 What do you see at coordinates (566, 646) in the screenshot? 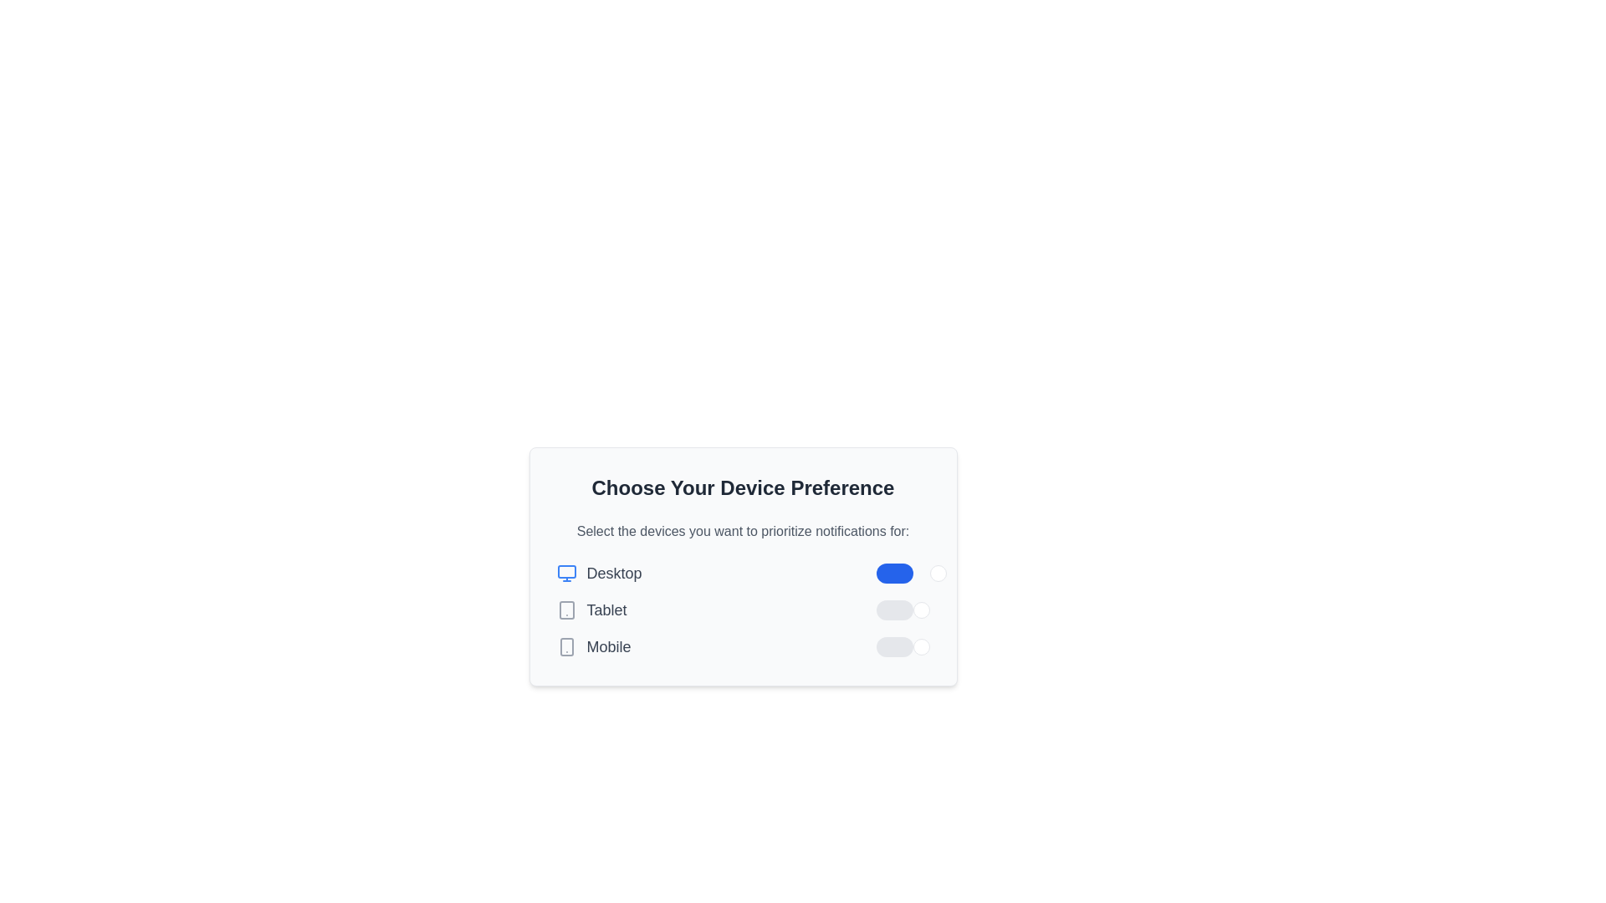
I see `the 'Mobile' option icon, which is visually aligned with the 'Desktop' and 'Tablet' icons in the device options list` at bounding box center [566, 646].